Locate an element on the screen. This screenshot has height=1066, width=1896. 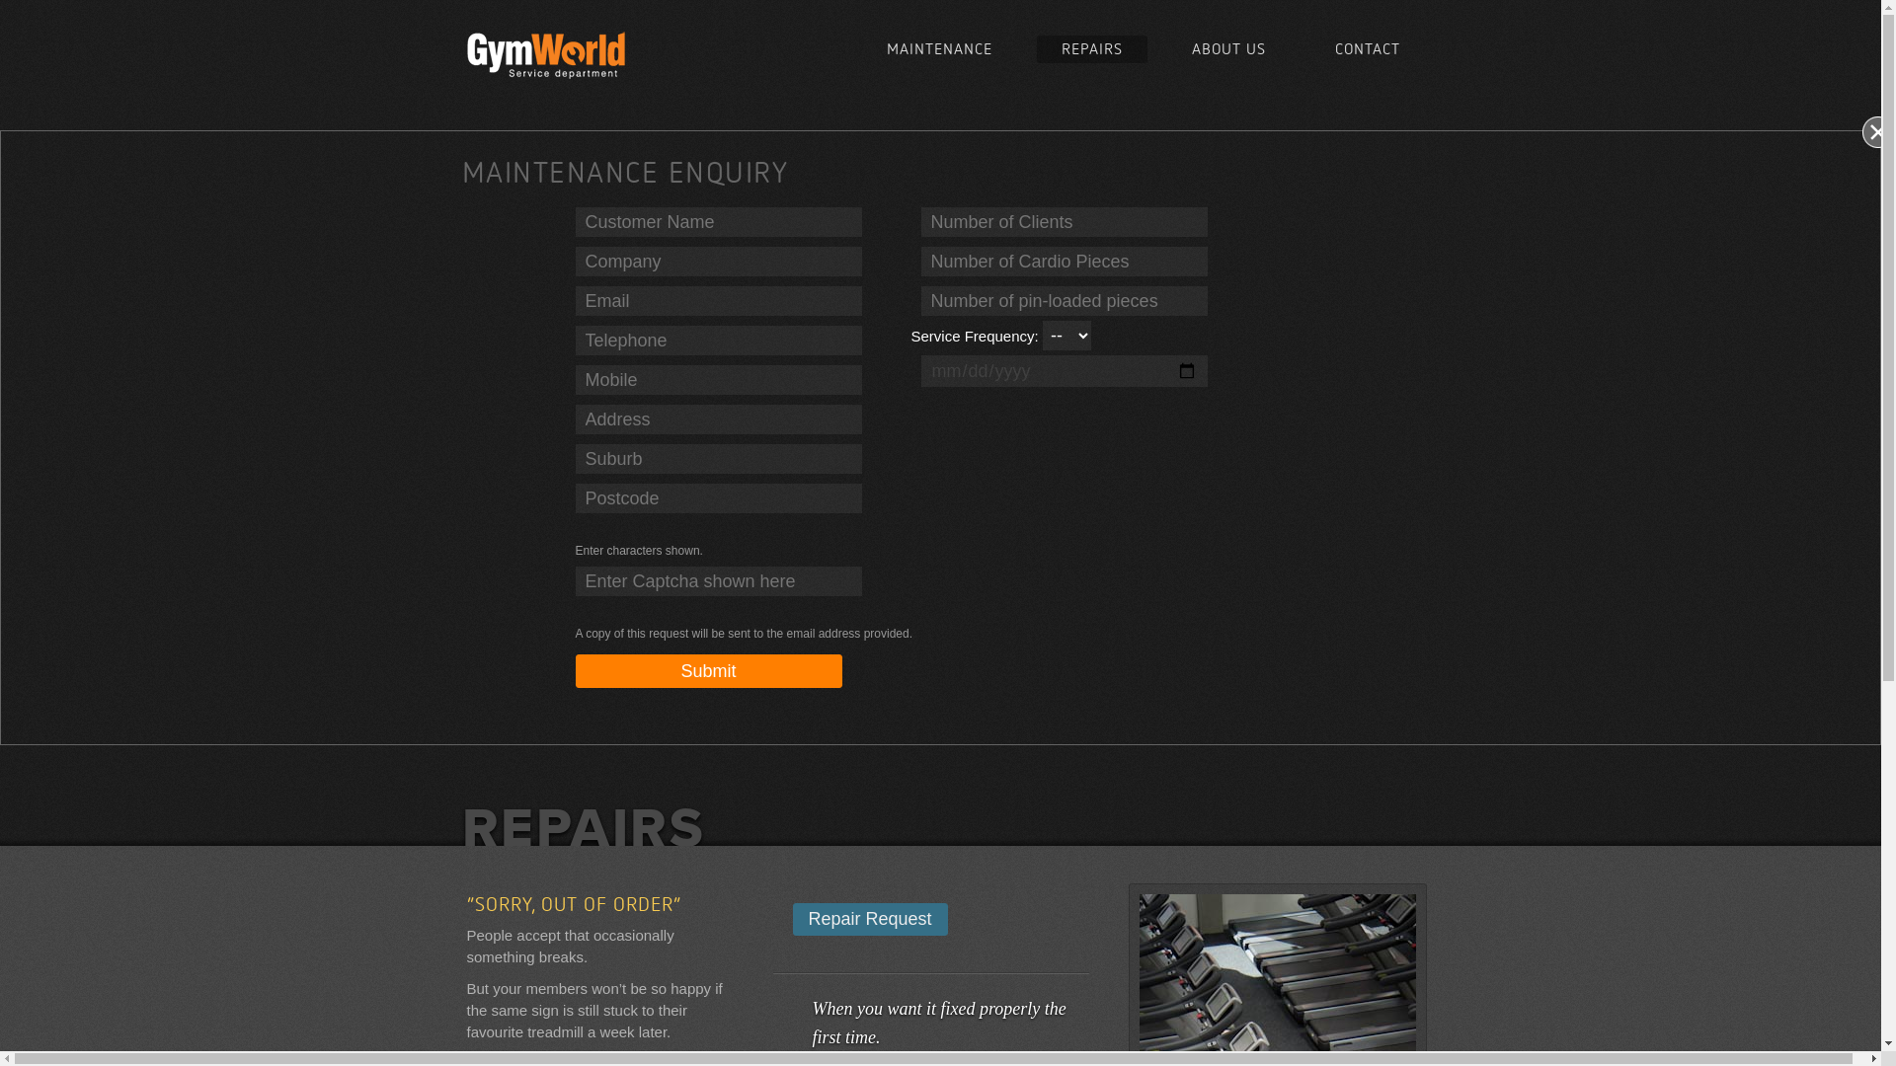
'CONTACT' is located at coordinates (1308, 48).